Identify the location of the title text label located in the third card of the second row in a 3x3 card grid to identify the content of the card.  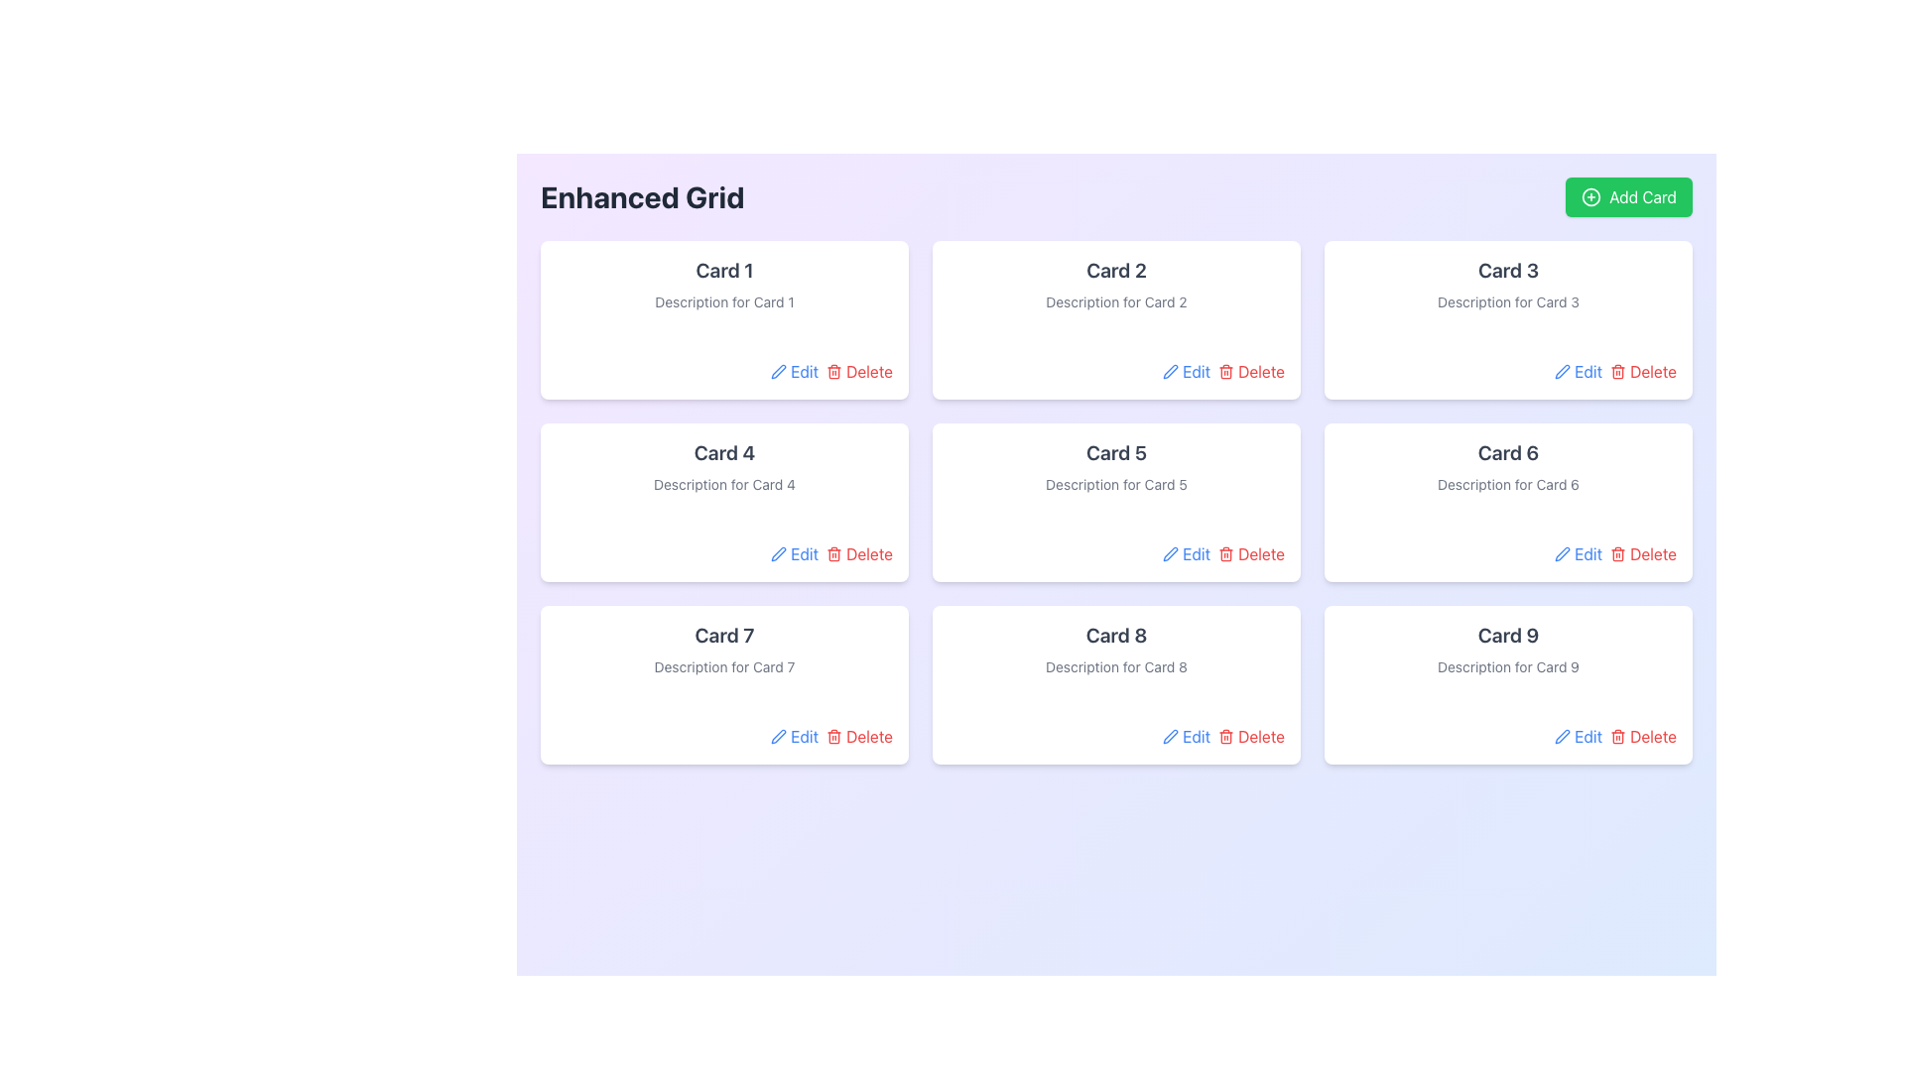
(1116, 452).